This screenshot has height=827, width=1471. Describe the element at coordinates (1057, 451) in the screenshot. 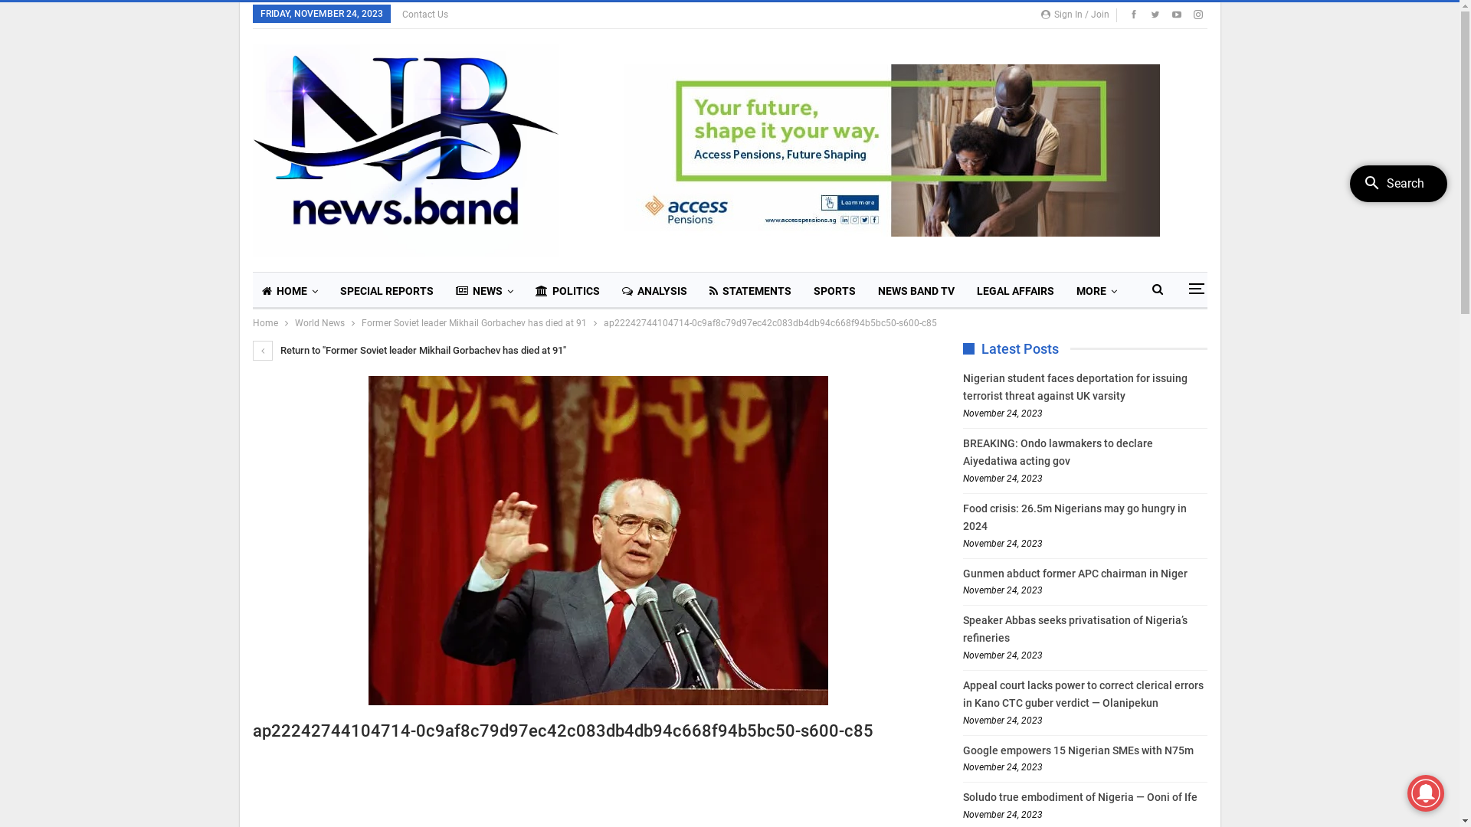

I see `'BREAKING: Ondo lawmakers to declare Aiyedatiwa acting gov'` at that location.